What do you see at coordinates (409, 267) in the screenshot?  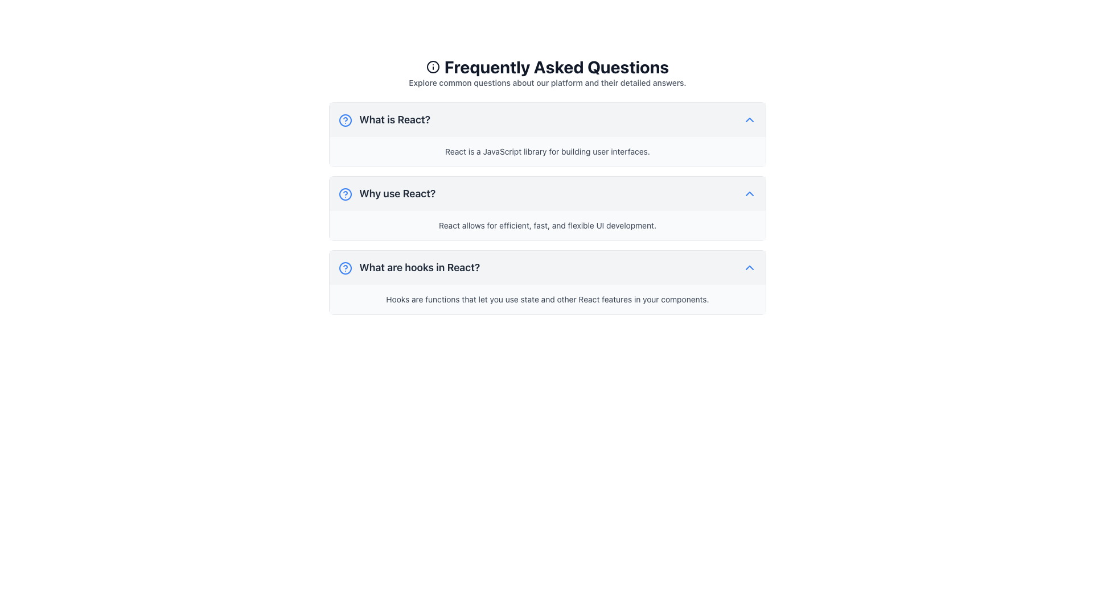 I see `text label 'What are hooks in React?' which is styled in bold and part of the FAQ section` at bounding box center [409, 267].